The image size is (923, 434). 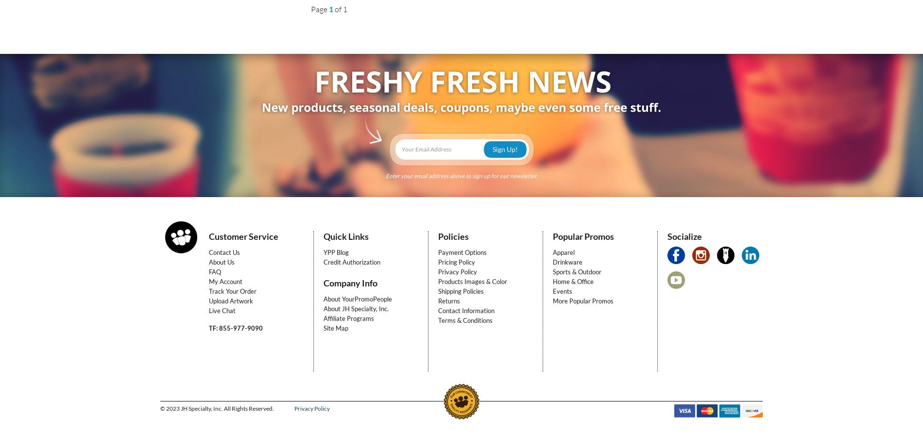 I want to click on 'Drinkware', so click(x=567, y=262).